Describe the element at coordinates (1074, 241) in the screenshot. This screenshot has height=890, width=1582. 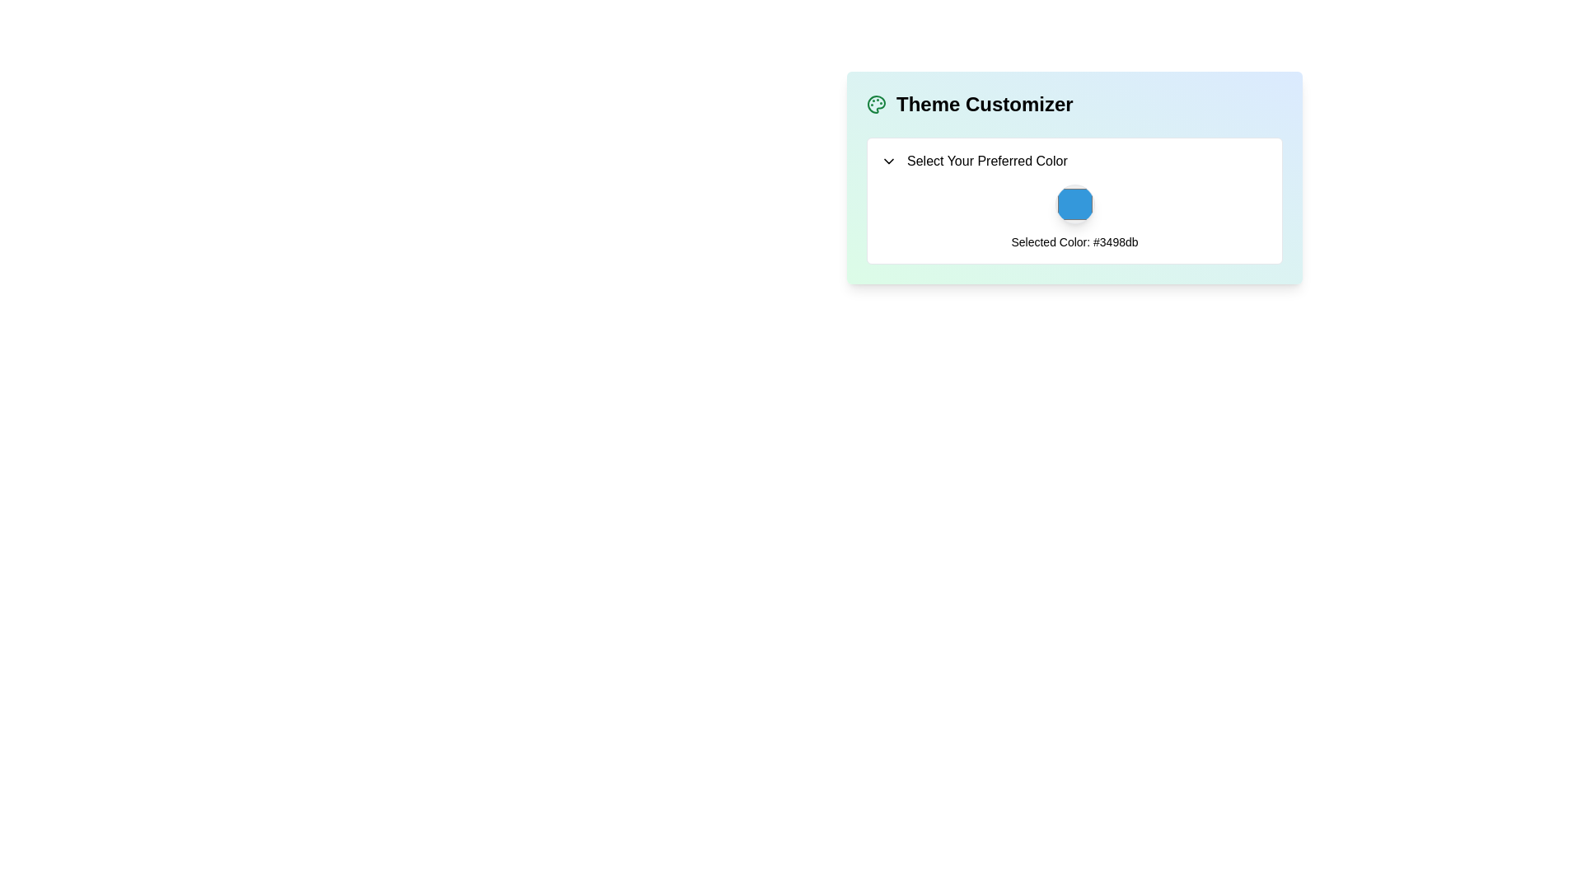
I see `text of the Text Label displaying 'Selected Color: #3498db', which is positioned below the color selection preview` at that location.